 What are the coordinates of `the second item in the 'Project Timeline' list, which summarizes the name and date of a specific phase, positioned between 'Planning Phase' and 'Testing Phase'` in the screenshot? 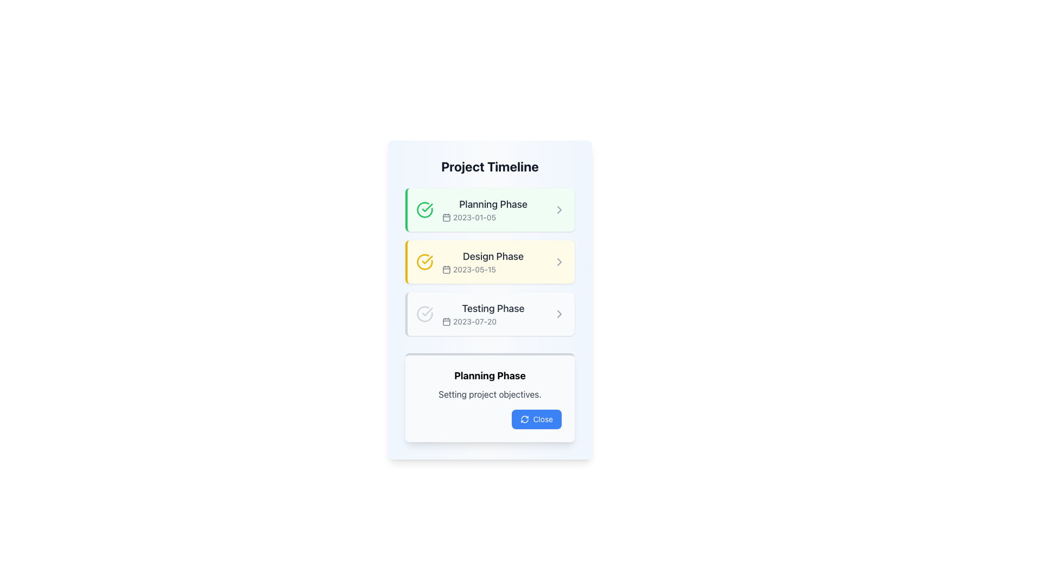 It's located at (489, 262).